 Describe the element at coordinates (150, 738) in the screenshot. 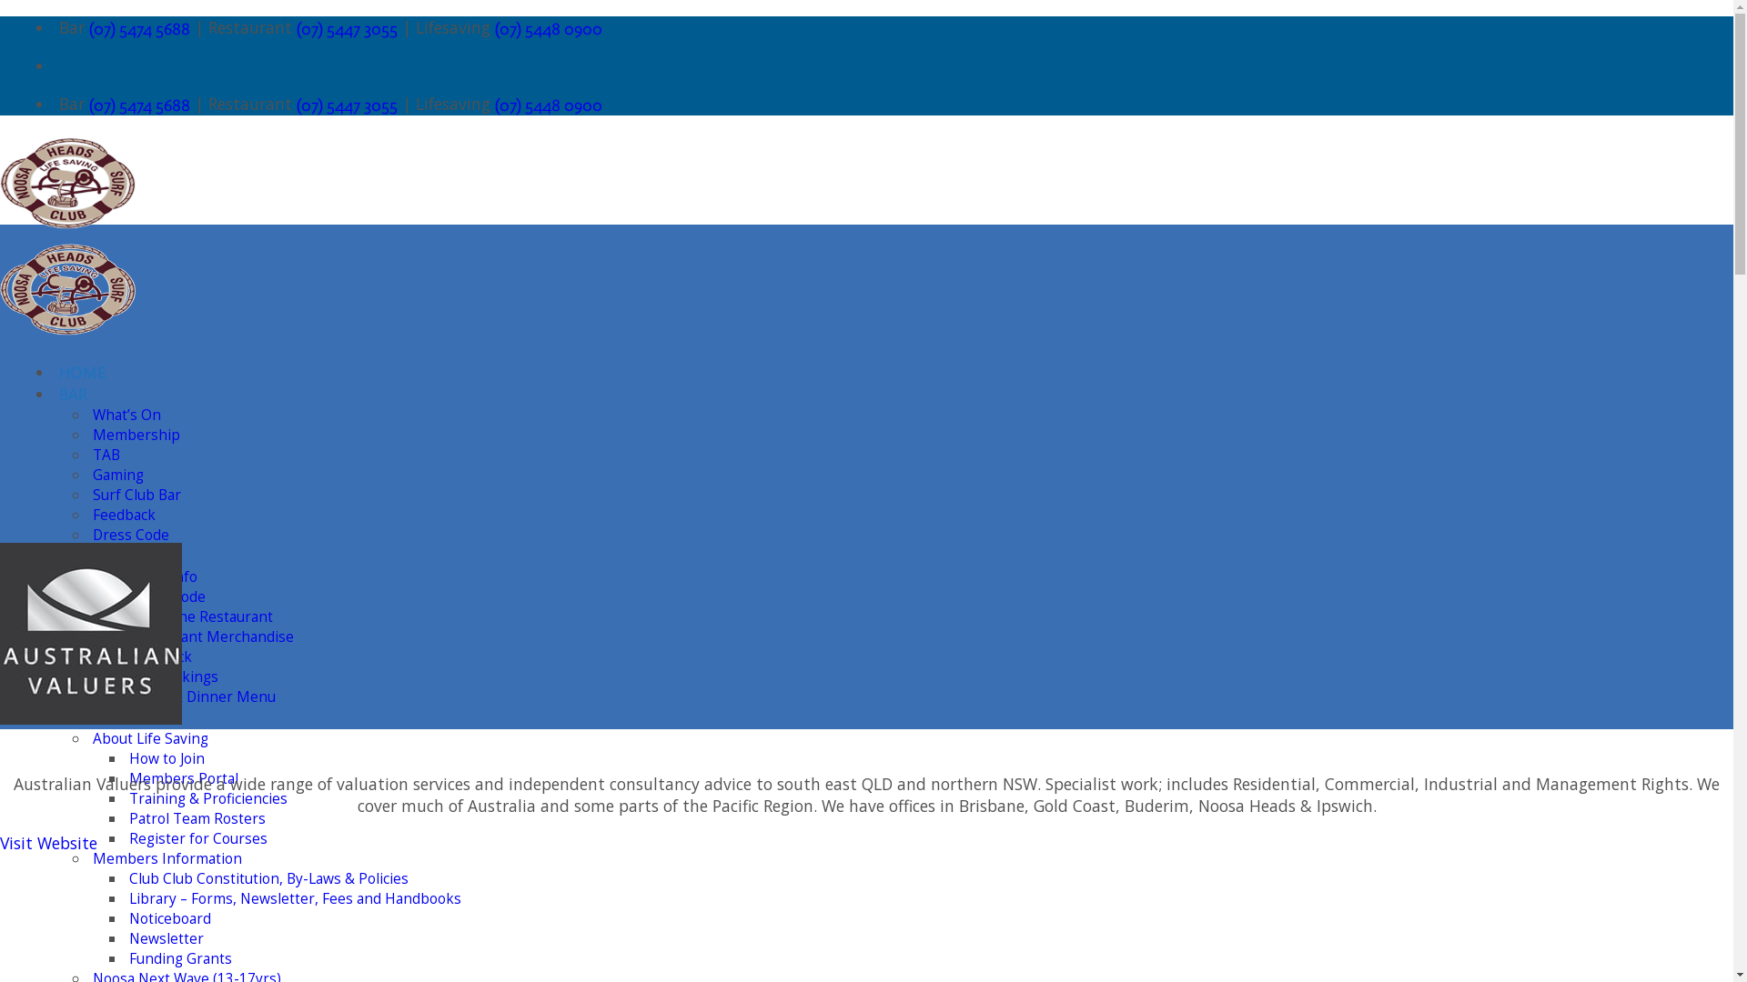

I see `'About Life Saving'` at that location.